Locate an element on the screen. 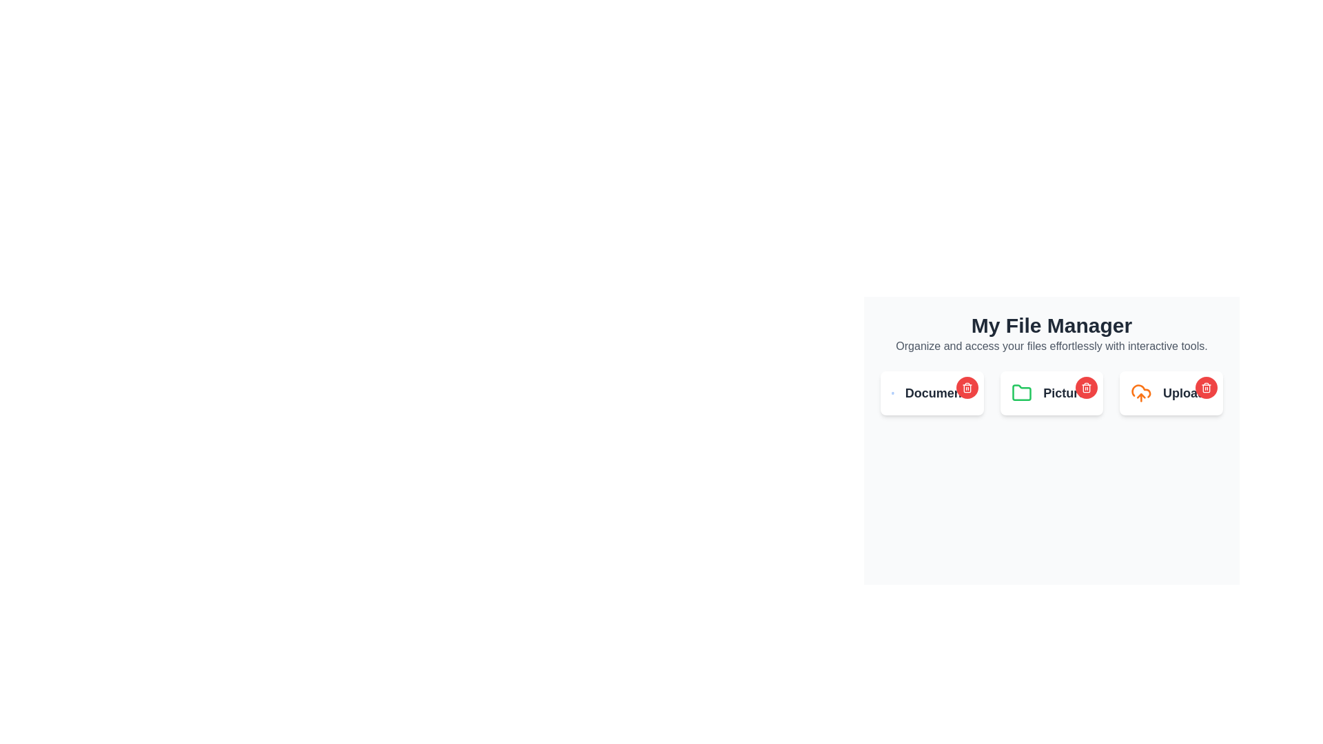  the trash can icon with a red circular background located to the right of the 'Document' button is located at coordinates (966, 388).